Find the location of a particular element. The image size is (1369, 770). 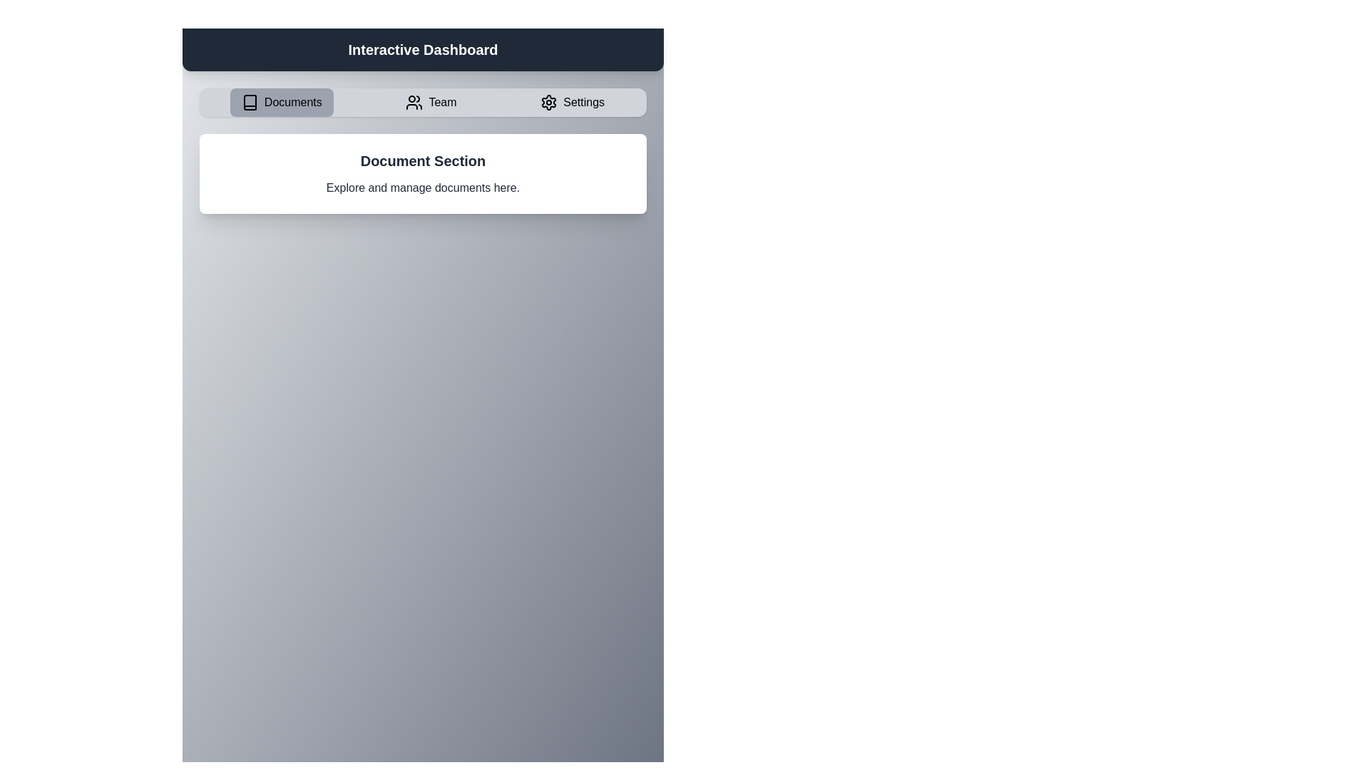

'Settings' icon located in the upper navigation bar, to the right of the 'Team' button, for customization is located at coordinates (548, 101).